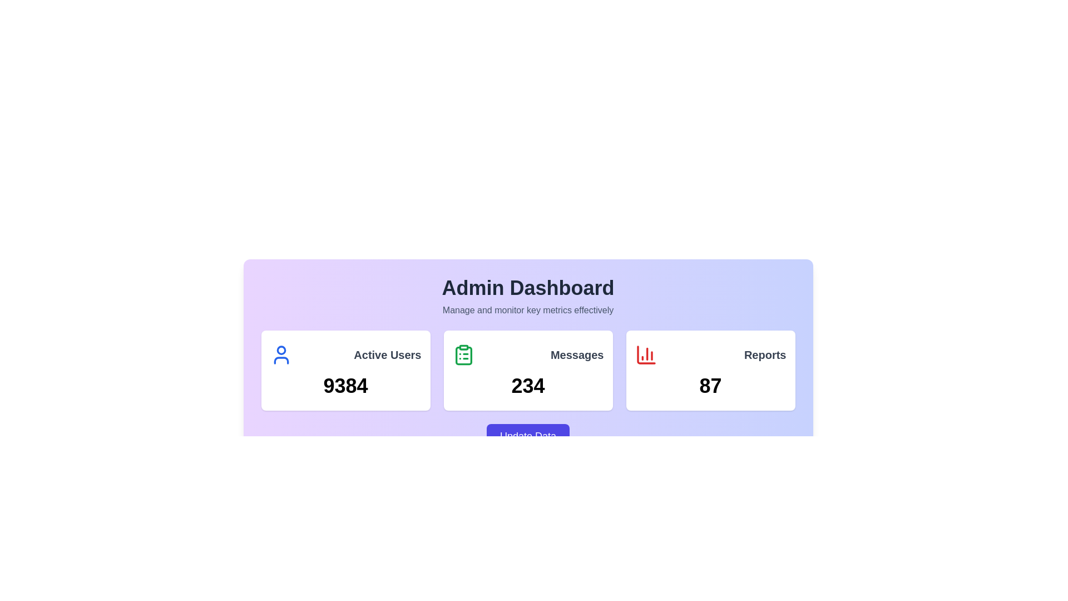 The width and height of the screenshot is (1068, 601). Describe the element at coordinates (281, 349) in the screenshot. I see `the circular SVG element that represents the user icon, located at the top central part of the user icon graphic within the user information card` at that location.